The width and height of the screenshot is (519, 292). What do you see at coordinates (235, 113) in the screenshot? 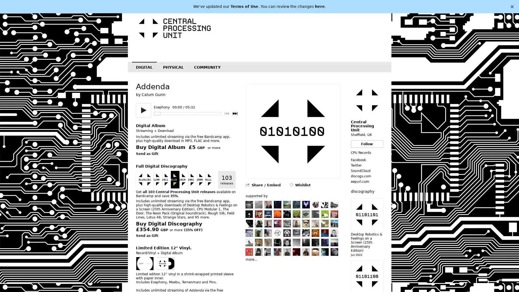
I see `Next track` at bounding box center [235, 113].